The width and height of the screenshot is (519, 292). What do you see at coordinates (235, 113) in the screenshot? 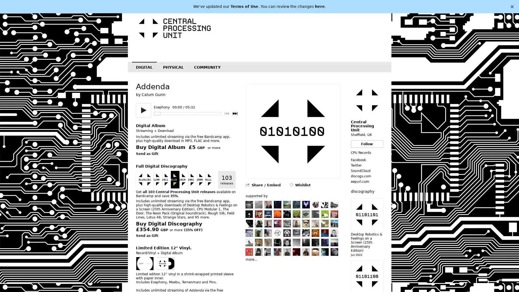
I see `Next track` at bounding box center [235, 113].